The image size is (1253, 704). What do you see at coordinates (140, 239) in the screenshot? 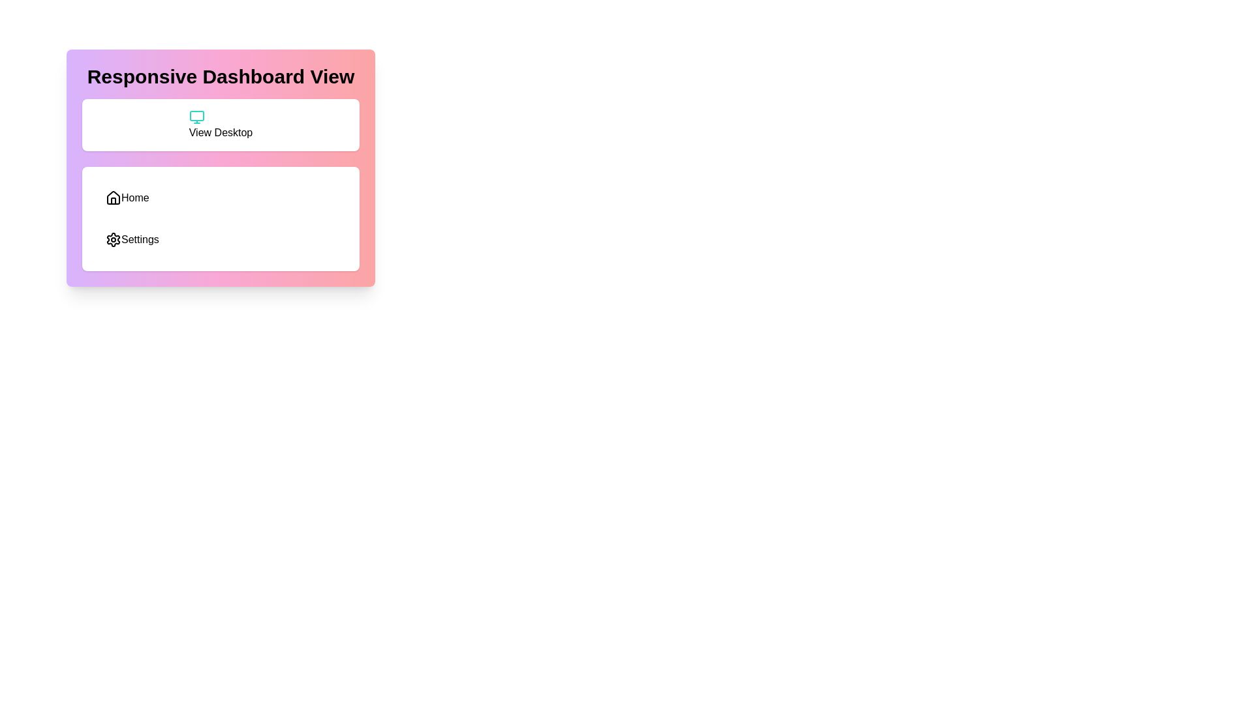
I see `the 'Settings' text label, which is bold and black, positioned to the right of a gear icon in the vertical menu of the card layout` at bounding box center [140, 239].